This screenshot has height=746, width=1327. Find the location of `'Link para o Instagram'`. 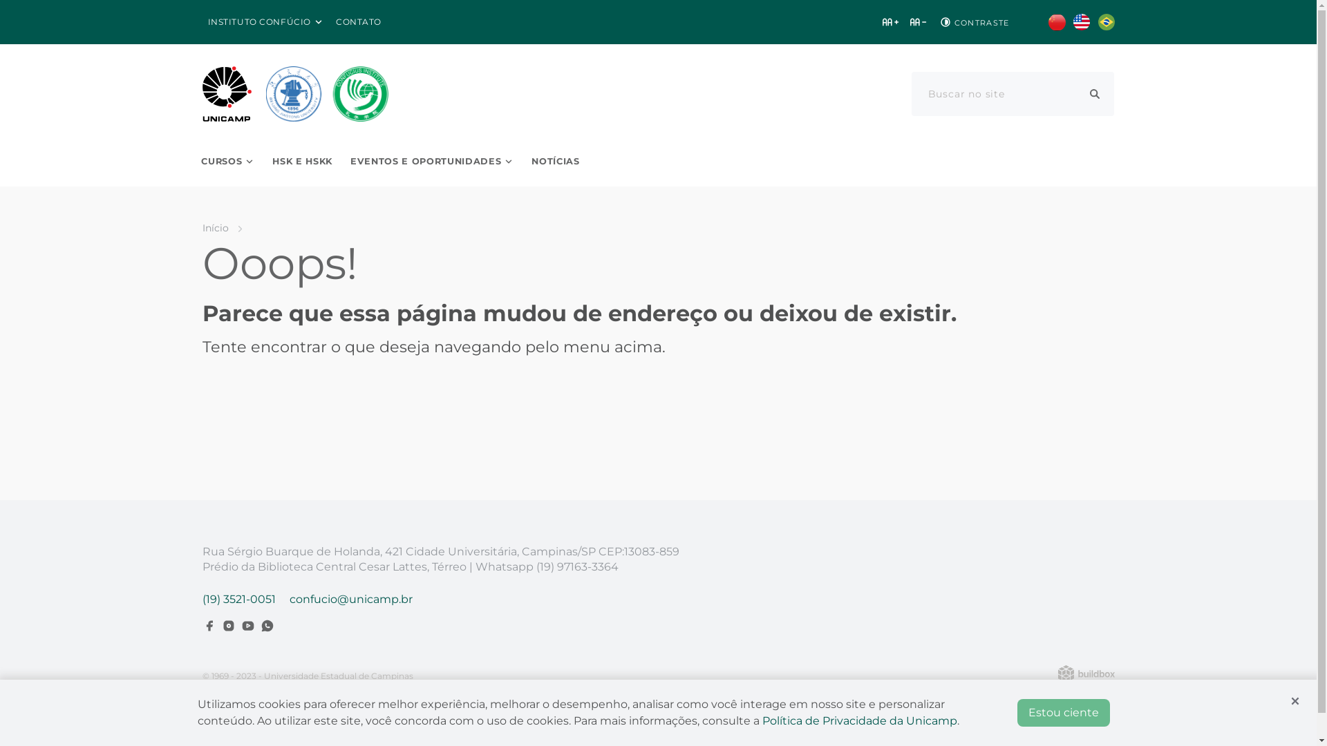

'Link para o Instagram' is located at coordinates (221, 626).